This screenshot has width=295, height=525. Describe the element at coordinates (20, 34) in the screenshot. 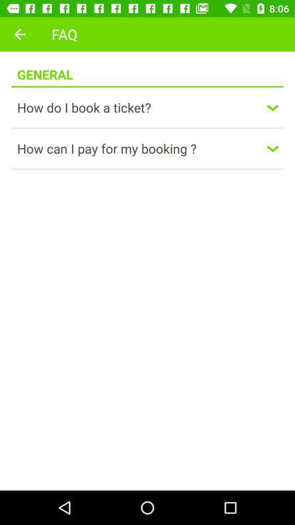

I see `item next to the faq` at that location.